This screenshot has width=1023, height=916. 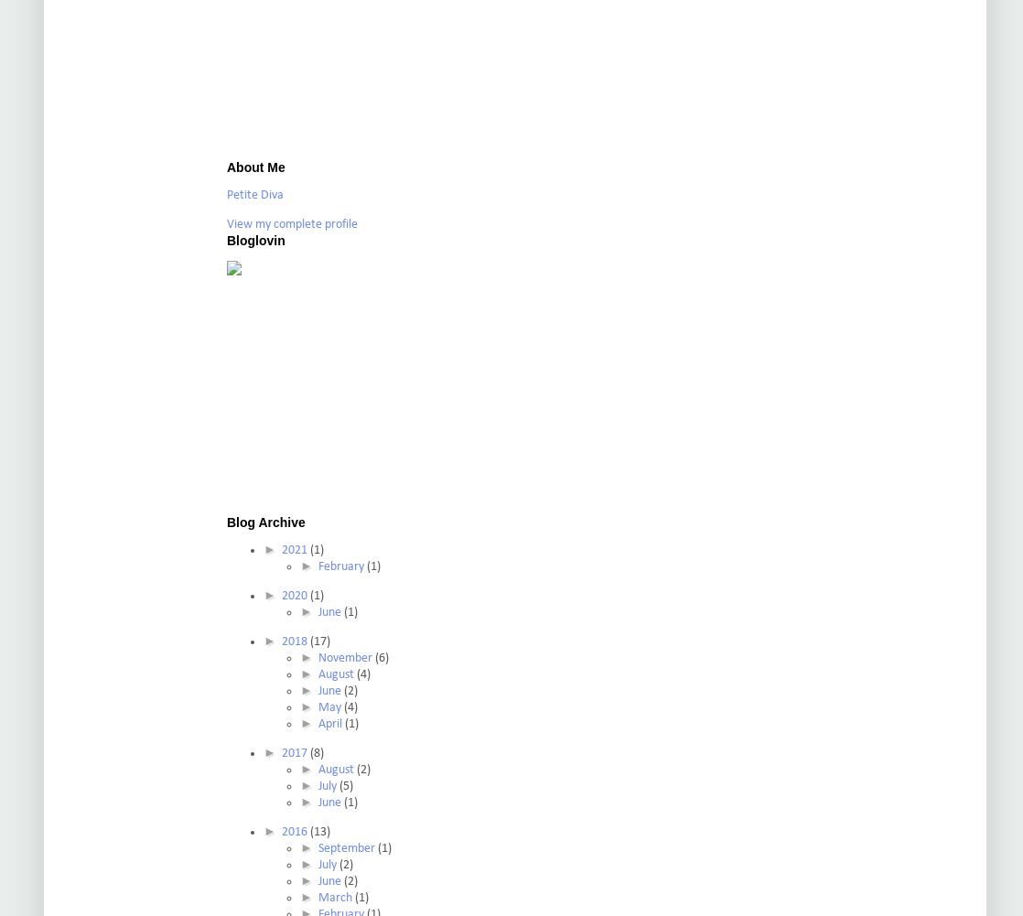 What do you see at coordinates (294, 595) in the screenshot?
I see `'2020'` at bounding box center [294, 595].